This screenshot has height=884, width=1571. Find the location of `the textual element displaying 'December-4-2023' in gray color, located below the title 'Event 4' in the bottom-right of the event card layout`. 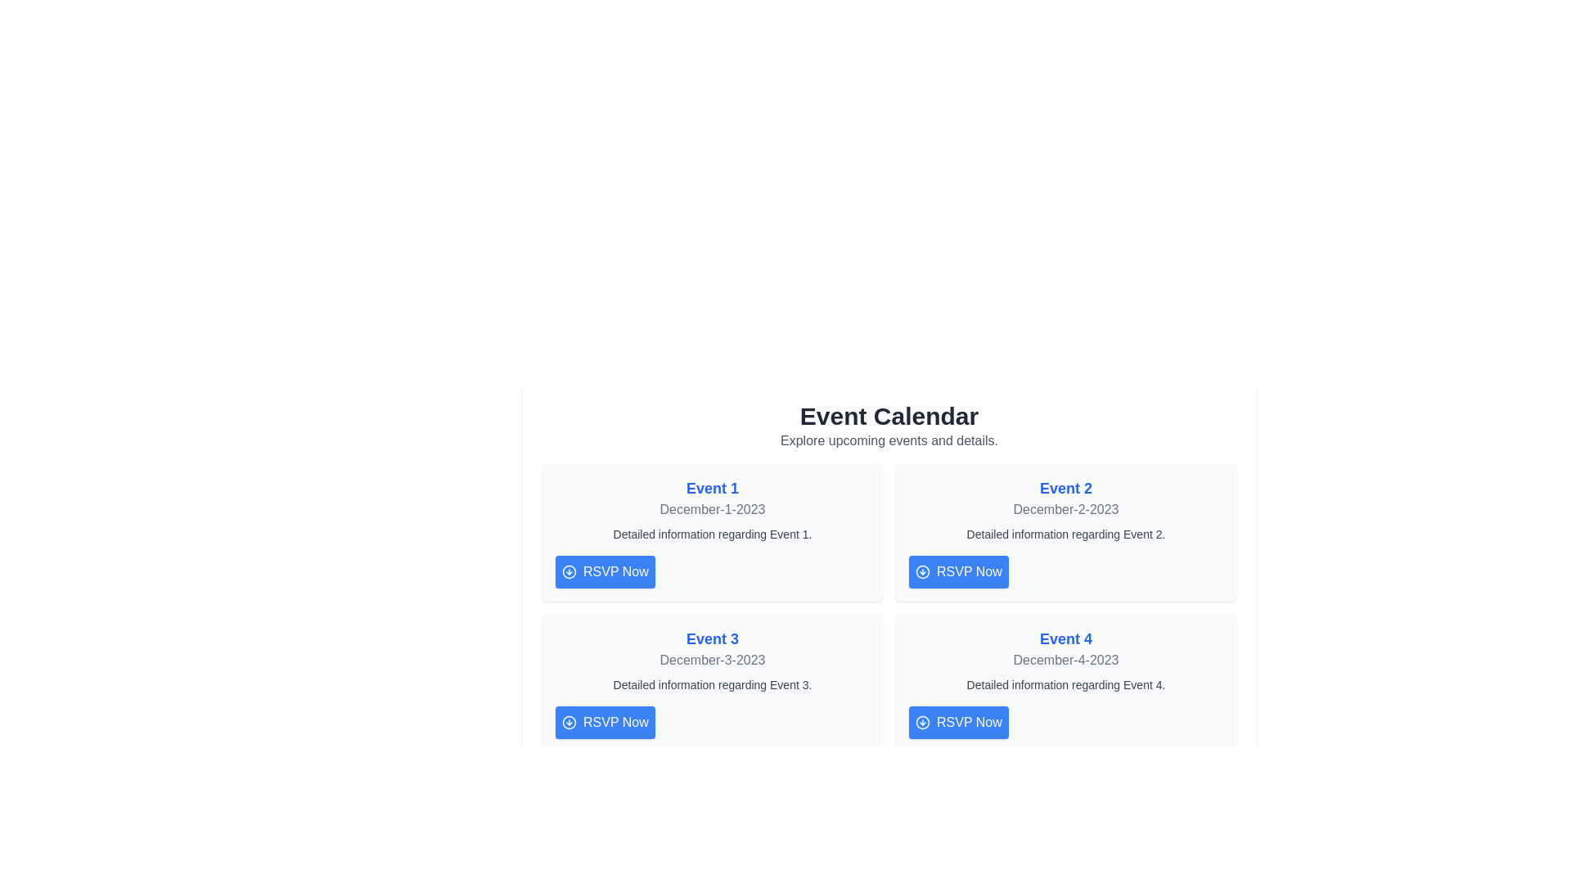

the textual element displaying 'December-4-2023' in gray color, located below the title 'Event 4' in the bottom-right of the event card layout is located at coordinates (1065, 659).